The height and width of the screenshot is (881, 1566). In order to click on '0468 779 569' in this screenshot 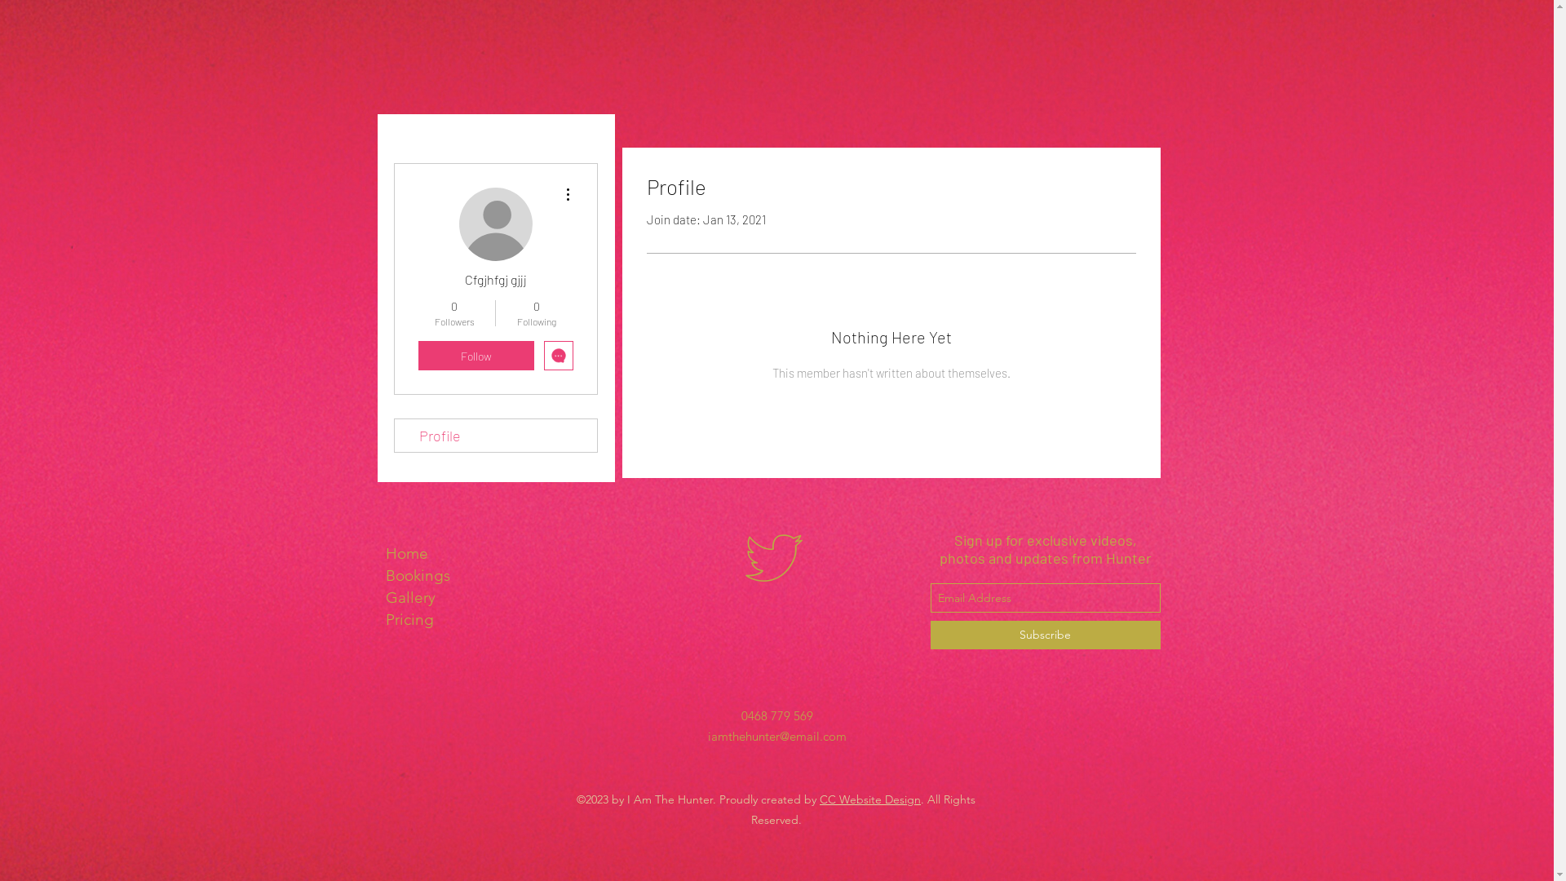, I will do `click(739, 715)`.